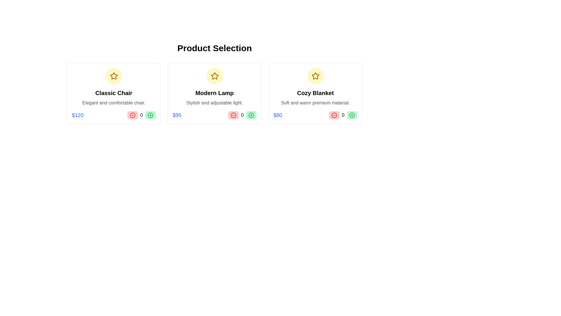  Describe the element at coordinates (343, 115) in the screenshot. I see `displayed numeric value from the numeric display box for the product 'Cozy Blanket', which is located at the center of the product card` at that location.